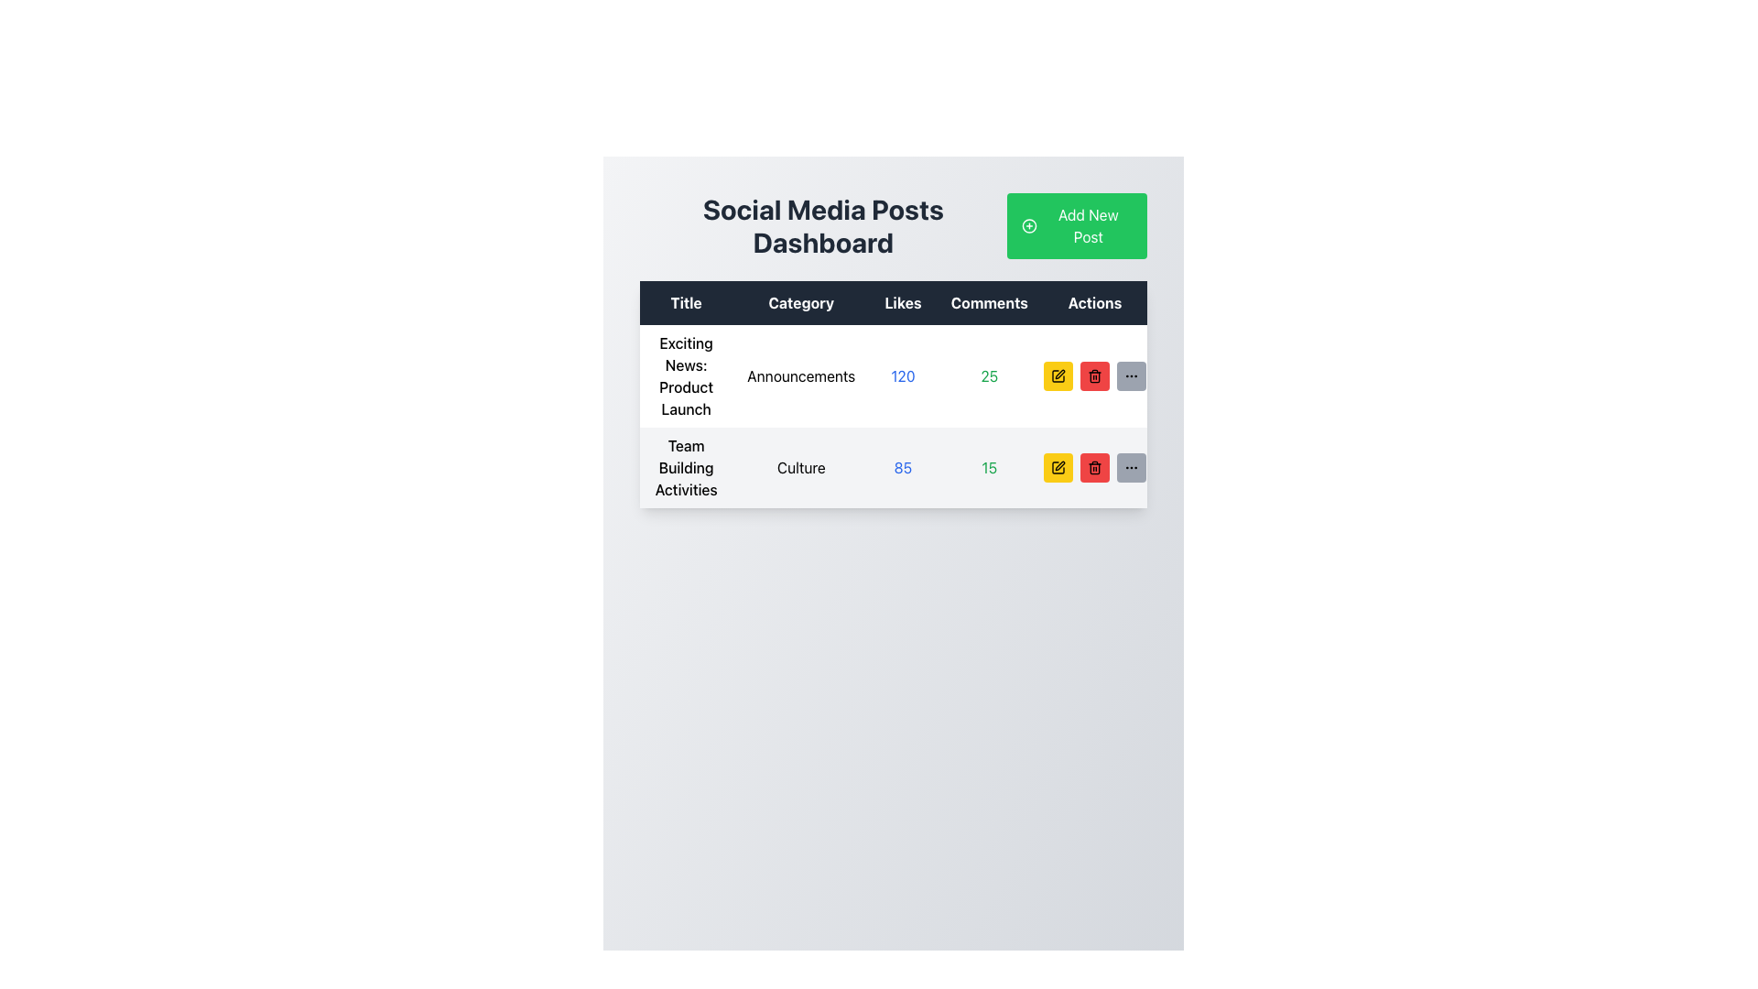 The height and width of the screenshot is (989, 1758). I want to click on the 'Actions' column header, which is the last column header displaying the text in bold white typography on a dark navy blue background, so click(1094, 302).